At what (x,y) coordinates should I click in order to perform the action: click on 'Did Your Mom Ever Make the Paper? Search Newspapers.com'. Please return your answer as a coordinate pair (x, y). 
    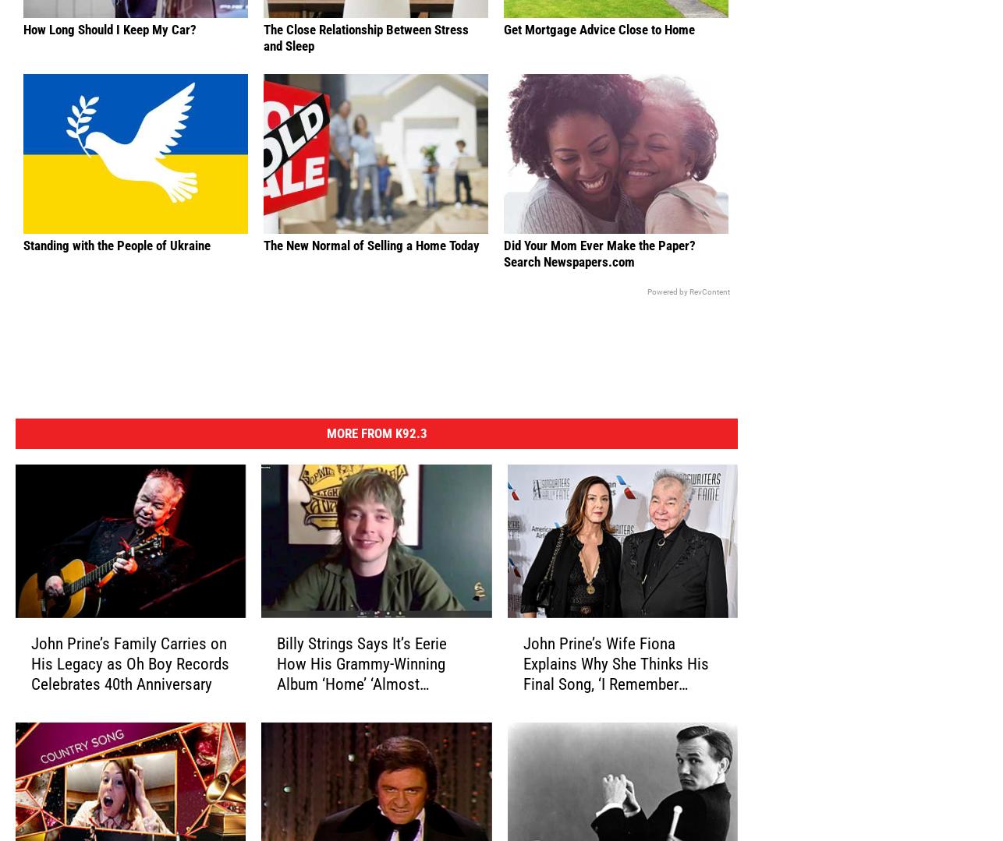
    Looking at the image, I should click on (600, 277).